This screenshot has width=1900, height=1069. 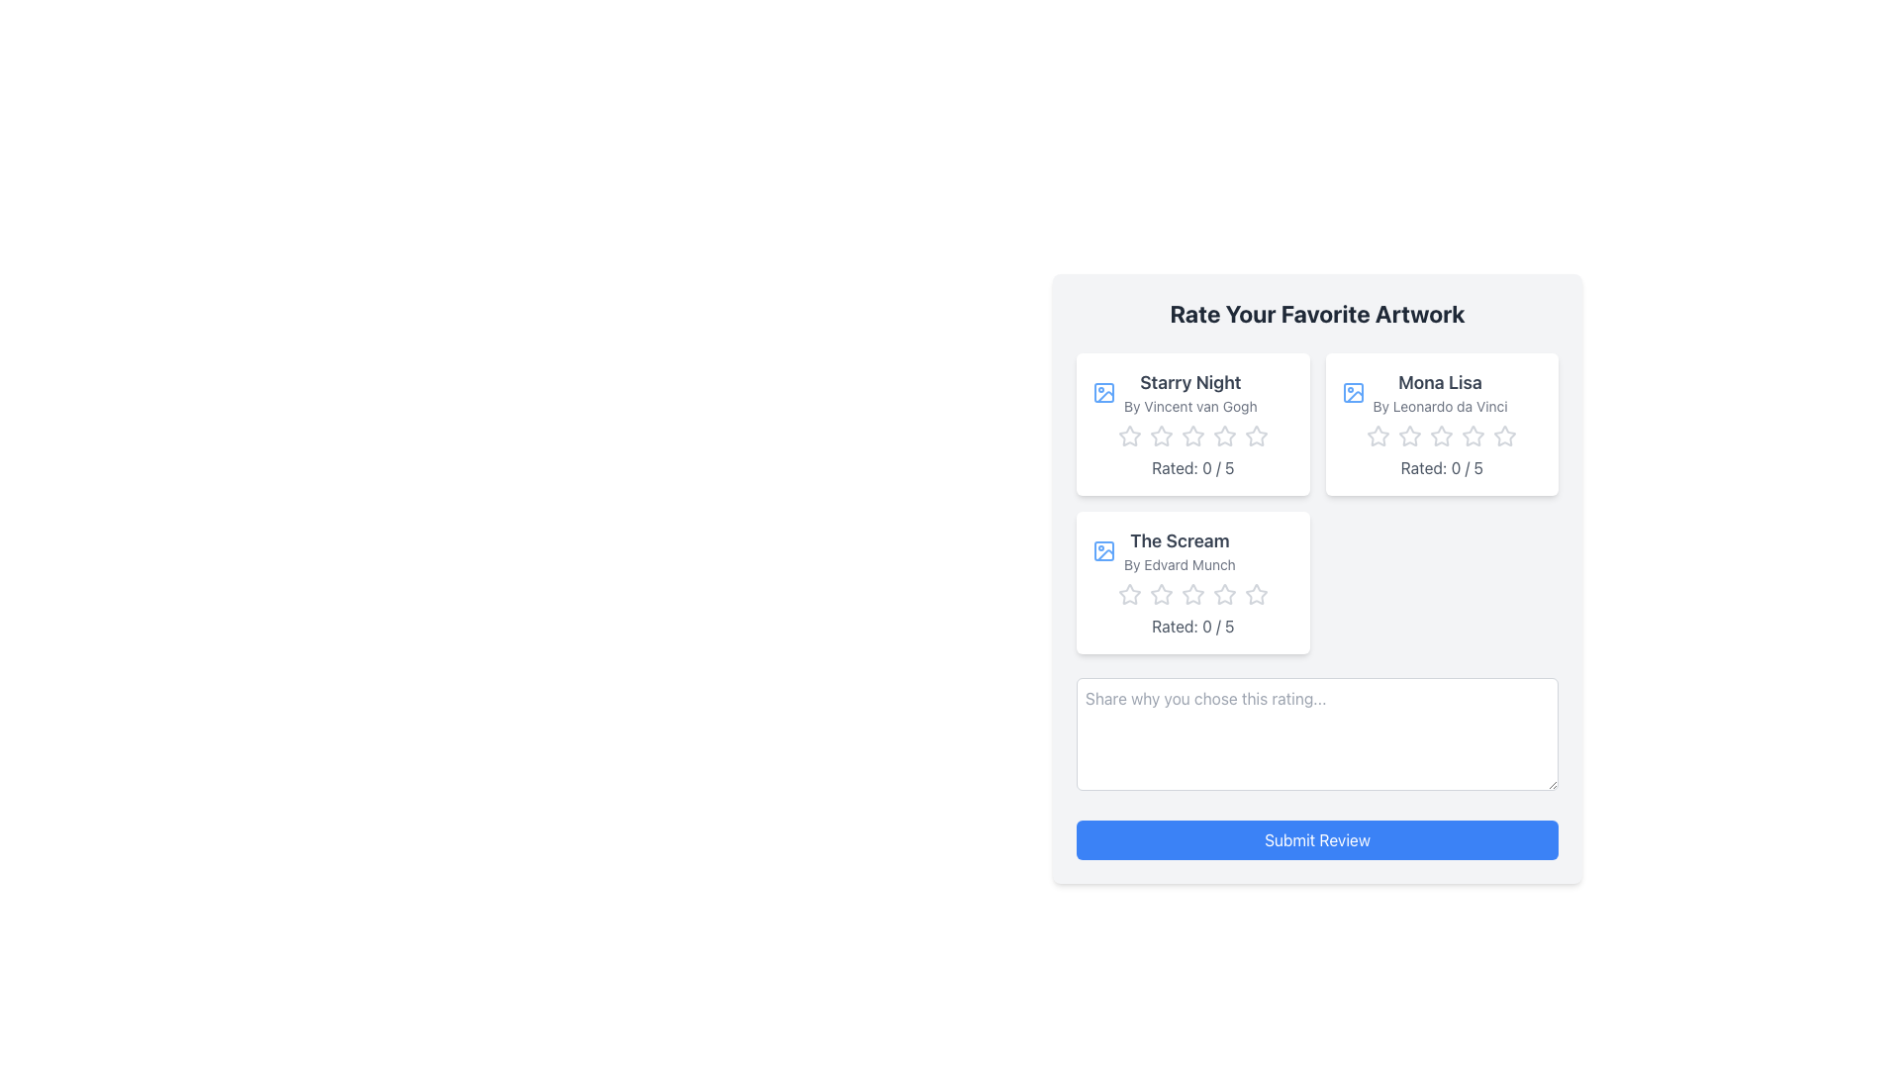 What do you see at coordinates (1191, 435) in the screenshot?
I see `the rating stars group under the title 'Starry Night' by 'Vincent van Gogh'` at bounding box center [1191, 435].